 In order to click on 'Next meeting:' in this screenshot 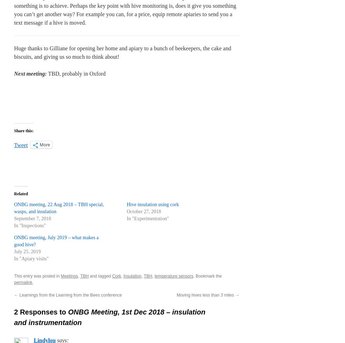, I will do `click(30, 74)`.